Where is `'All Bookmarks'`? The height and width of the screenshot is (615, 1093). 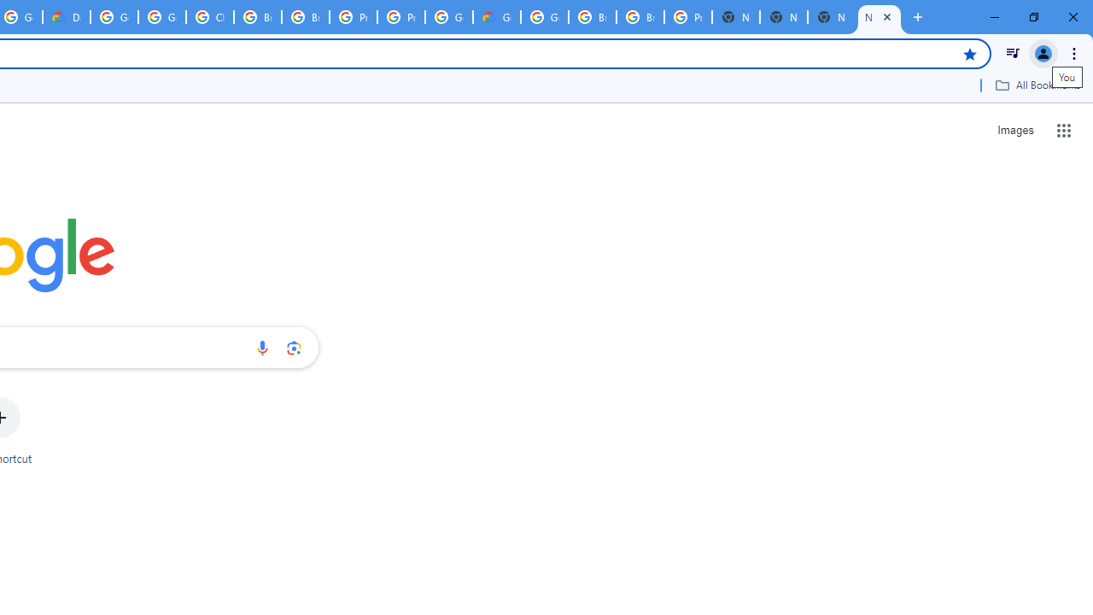
'All Bookmarks' is located at coordinates (1037, 85).